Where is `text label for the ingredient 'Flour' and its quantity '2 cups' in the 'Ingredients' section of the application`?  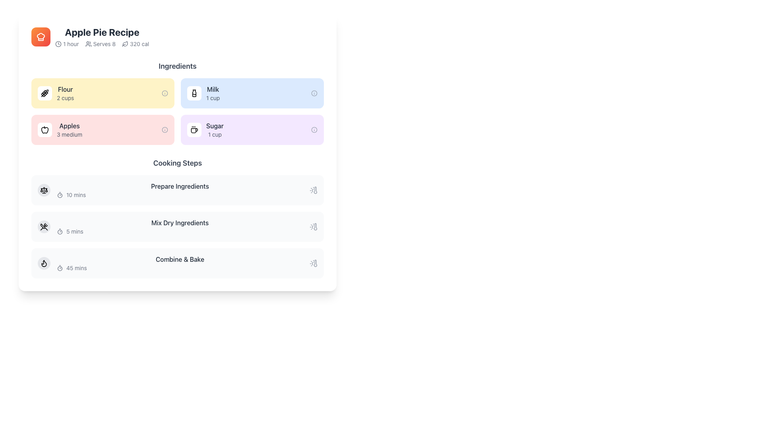 text label for the ingredient 'Flour' and its quantity '2 cups' in the 'Ingredients' section of the application is located at coordinates (65, 93).